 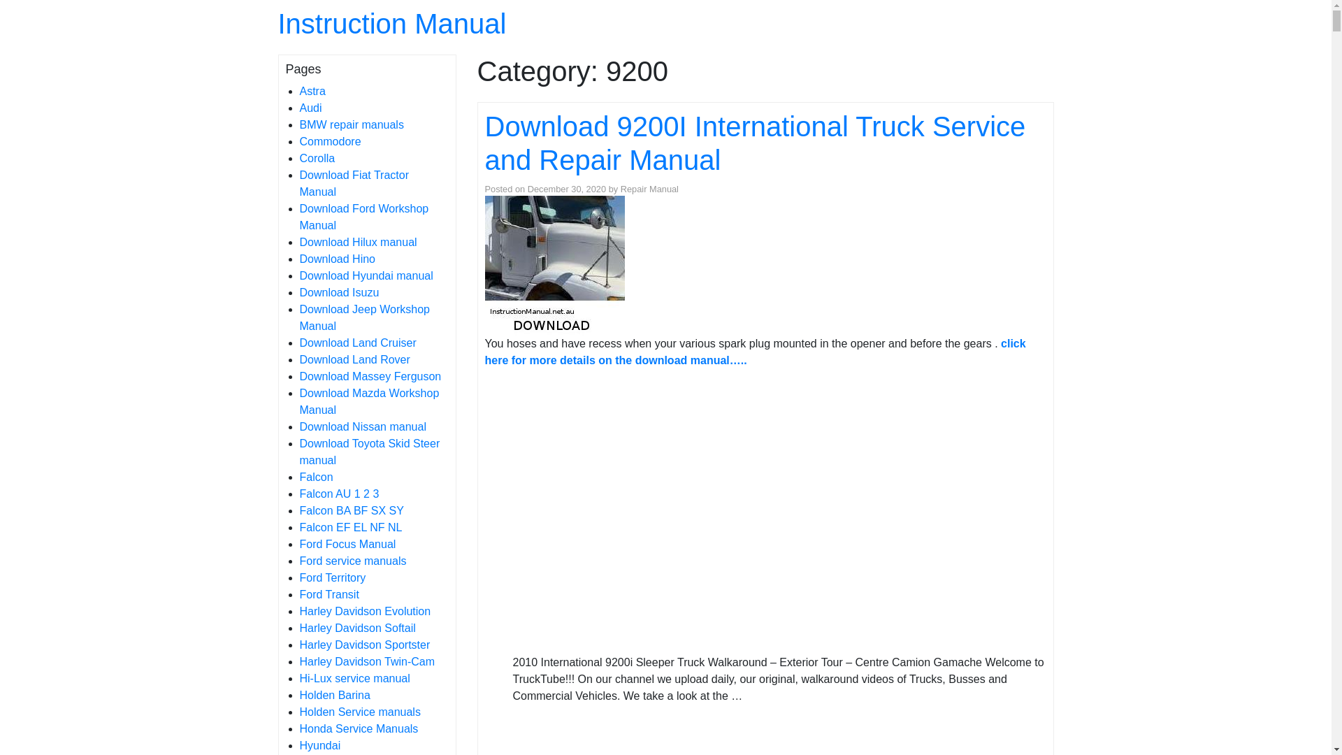 What do you see at coordinates (649, 189) in the screenshot?
I see `'Repair Manual'` at bounding box center [649, 189].